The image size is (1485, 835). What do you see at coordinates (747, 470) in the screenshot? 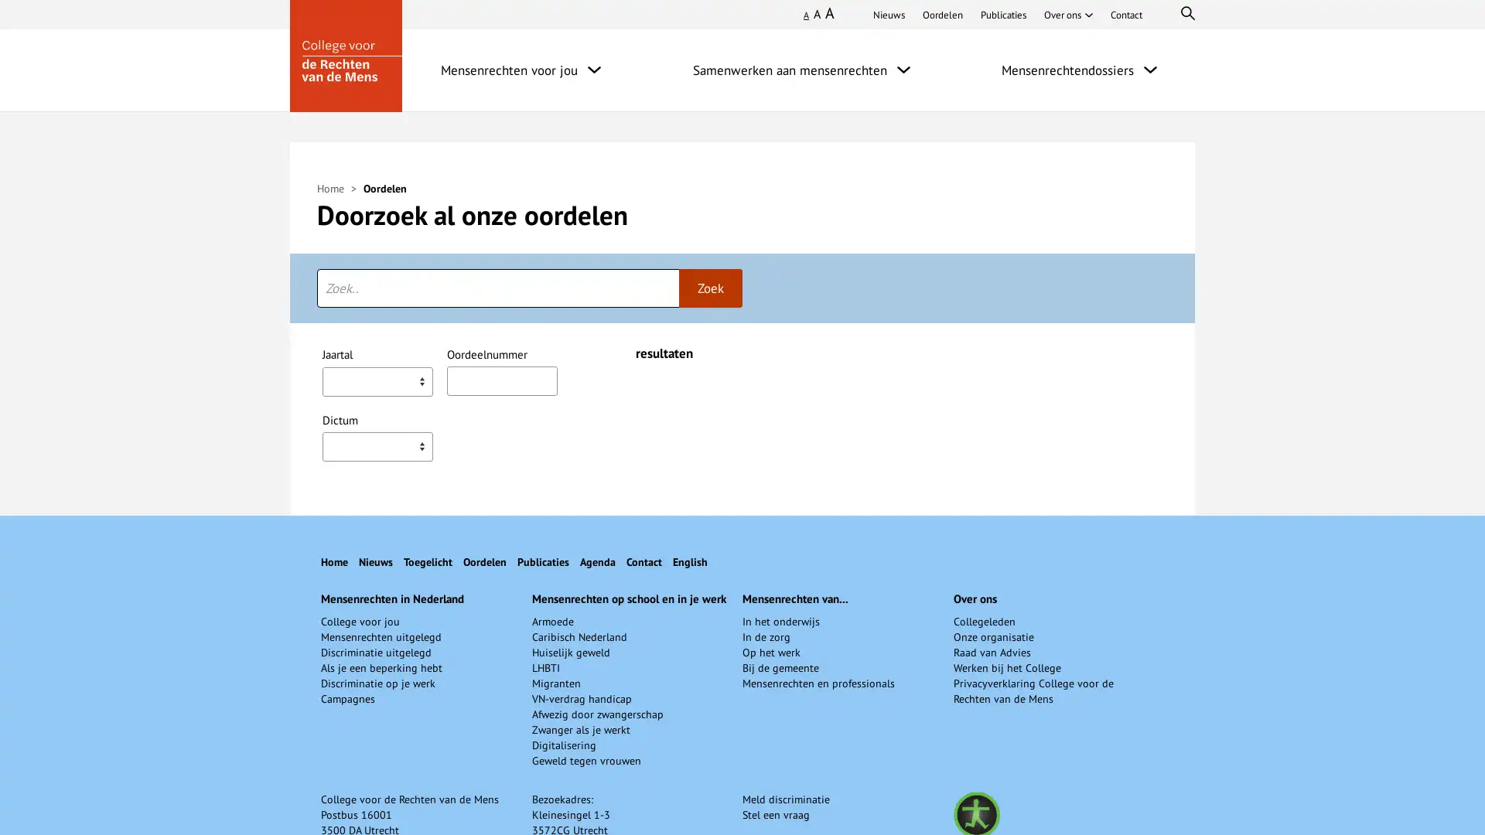
I see `Seksuele intimidatie,` at bounding box center [747, 470].